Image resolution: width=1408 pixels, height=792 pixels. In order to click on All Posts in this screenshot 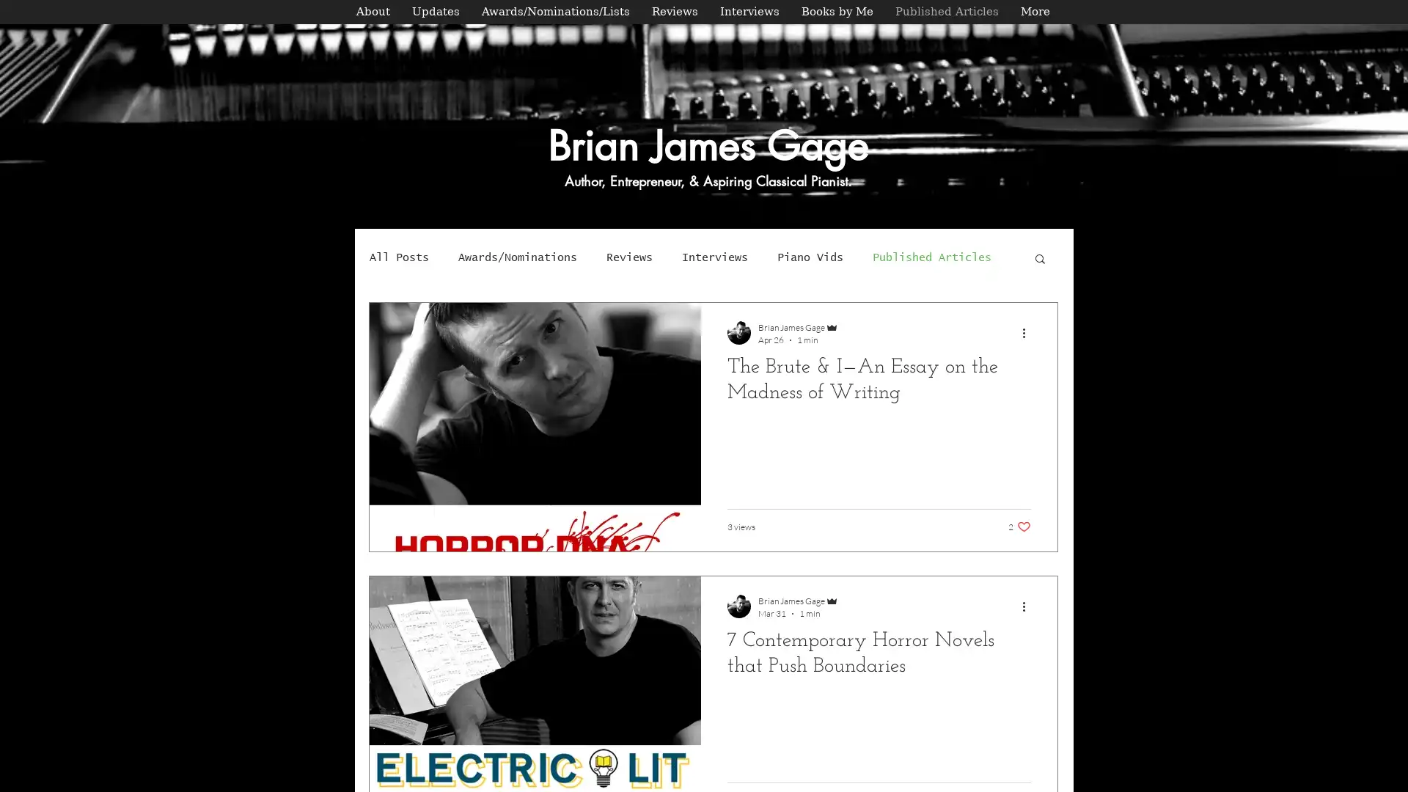, I will do `click(399, 257)`.